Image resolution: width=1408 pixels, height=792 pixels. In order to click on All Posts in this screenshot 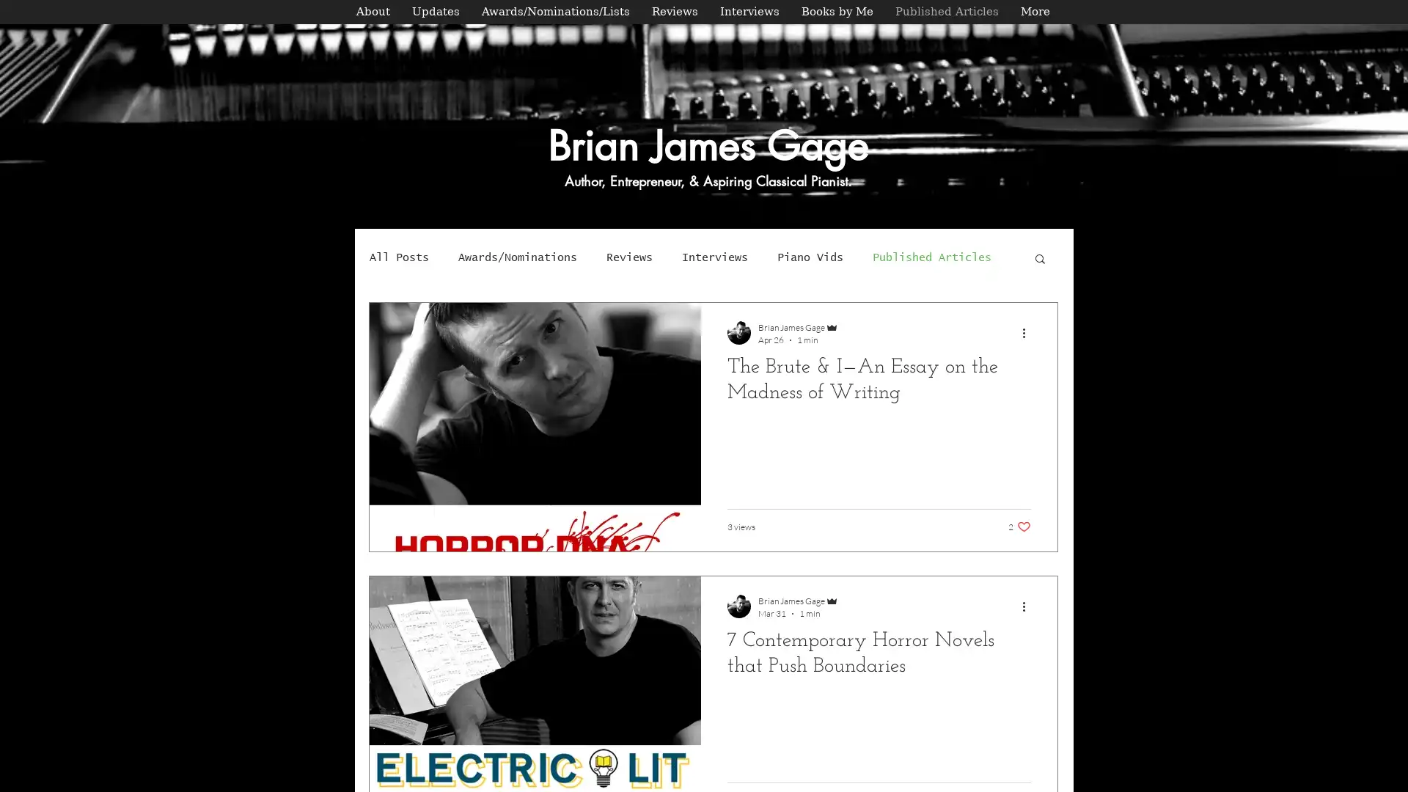, I will do `click(399, 257)`.